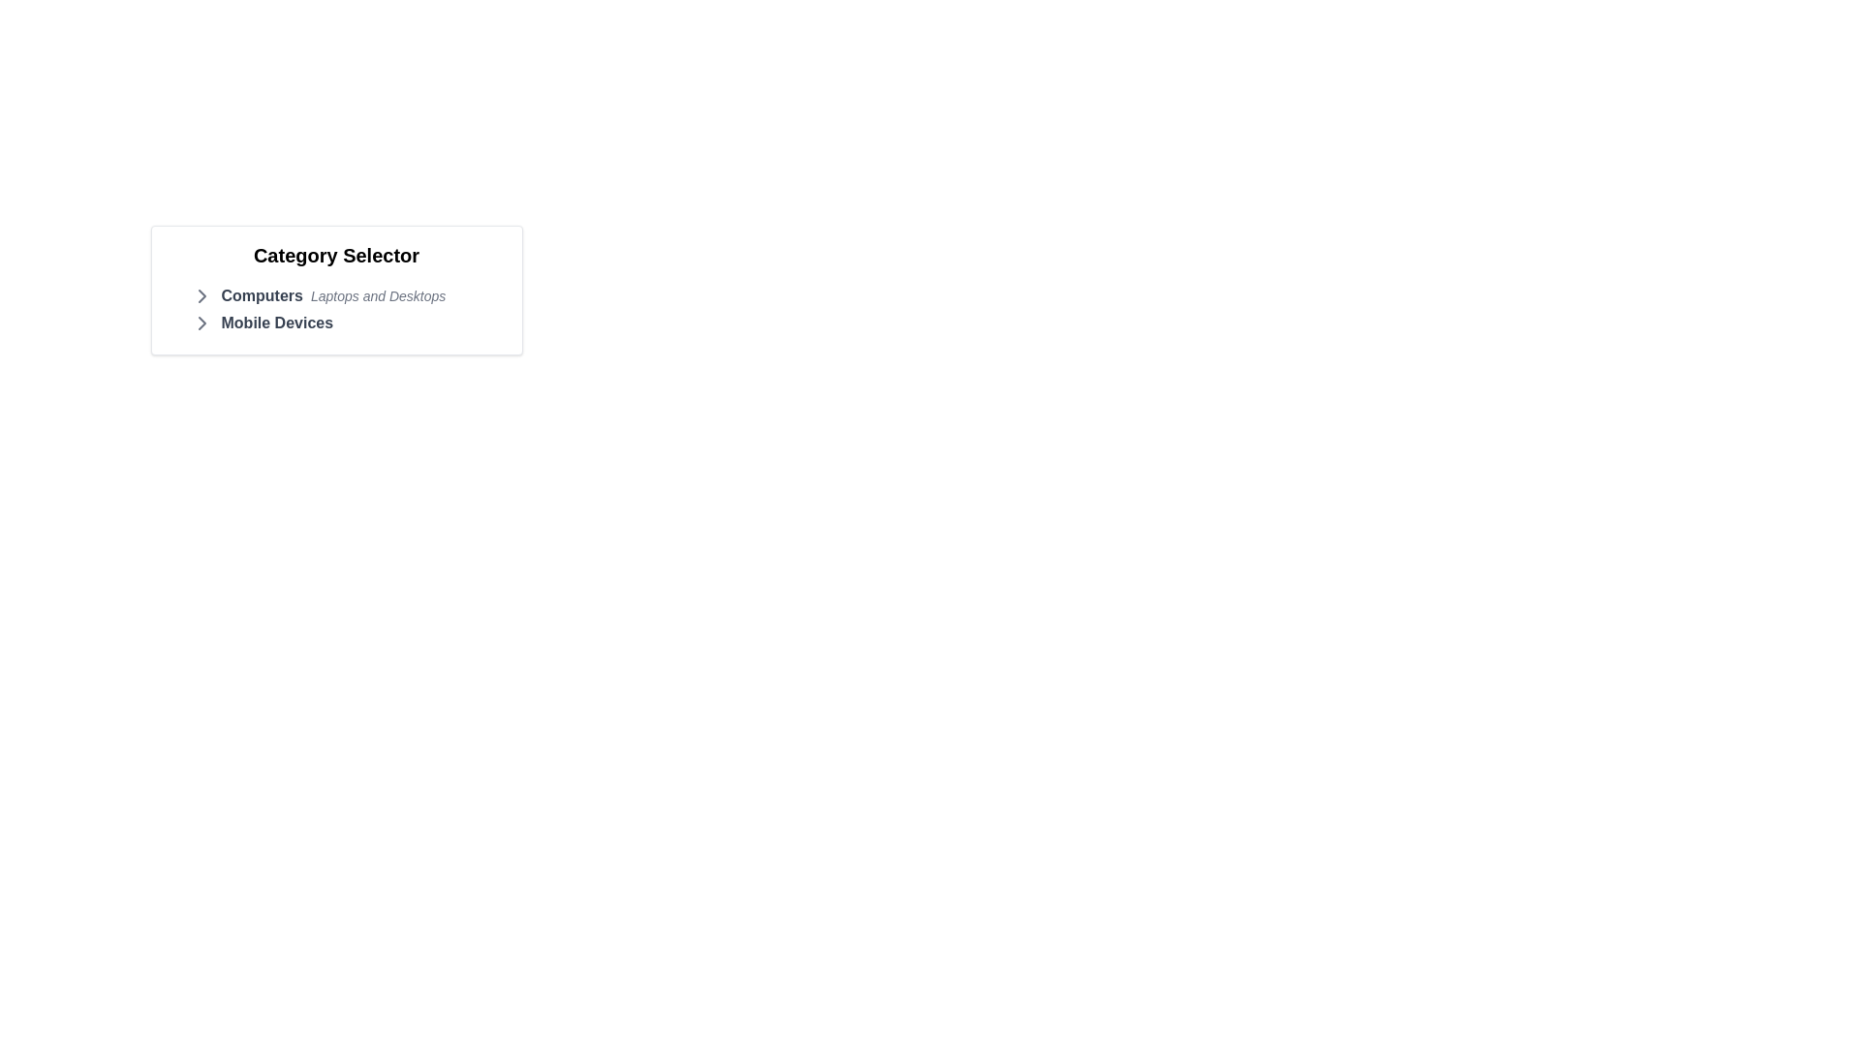 The image size is (1860, 1046). I want to click on the chevron icon located to the immediate left of the 'Mobile Devices' text label, so click(201, 323).